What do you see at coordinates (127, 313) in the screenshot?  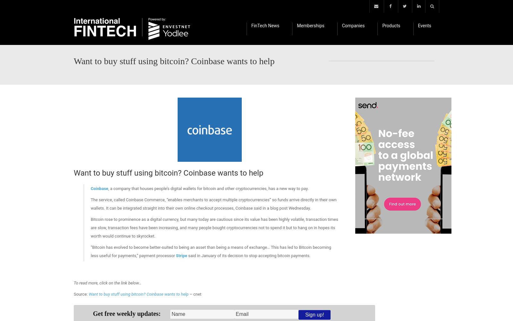 I see `'Get free weekly updates:'` at bounding box center [127, 313].